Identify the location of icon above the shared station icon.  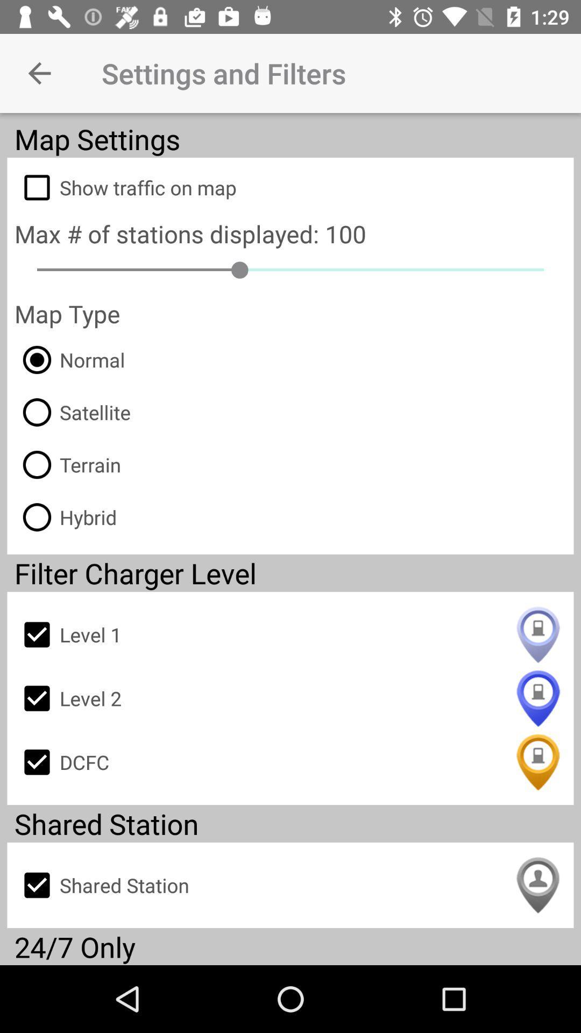
(290, 761).